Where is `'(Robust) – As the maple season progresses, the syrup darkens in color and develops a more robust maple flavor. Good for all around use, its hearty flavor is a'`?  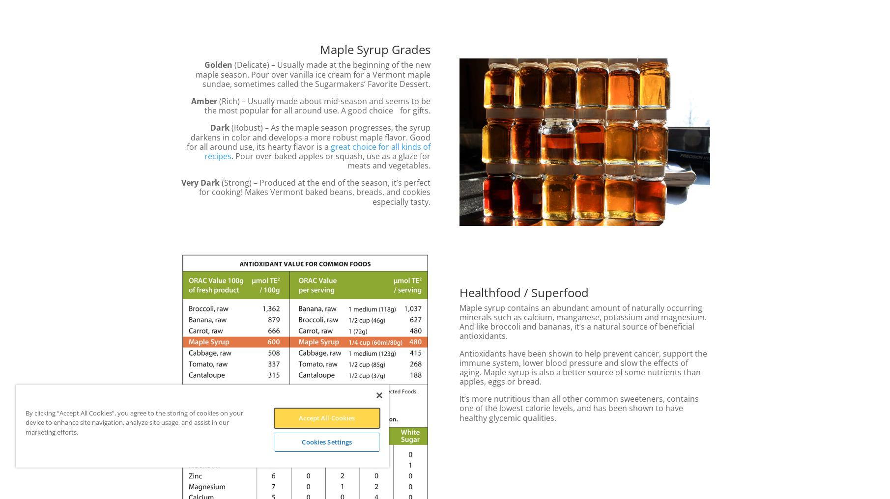 '(Robust) – As the maple season progresses, the syrup darkens in color and develops a more robust maple flavor. Good for all around use, its hearty flavor is a' is located at coordinates (308, 136).